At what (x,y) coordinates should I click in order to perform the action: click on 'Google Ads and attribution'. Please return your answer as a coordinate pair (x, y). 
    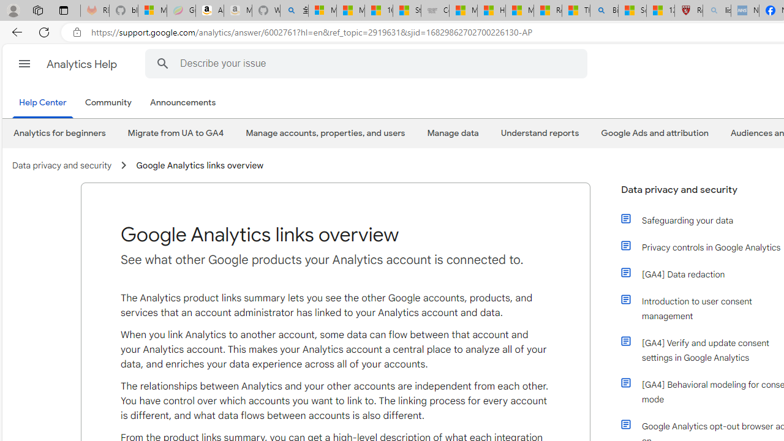
    Looking at the image, I should click on (654, 133).